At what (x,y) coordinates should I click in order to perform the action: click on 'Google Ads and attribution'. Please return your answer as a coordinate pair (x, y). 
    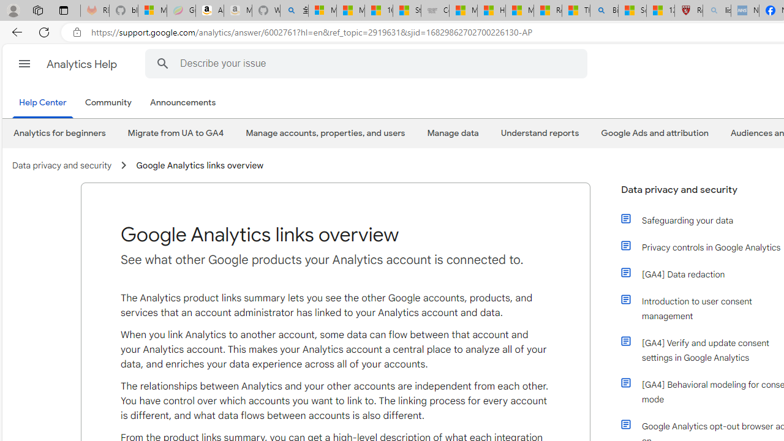
    Looking at the image, I should click on (654, 133).